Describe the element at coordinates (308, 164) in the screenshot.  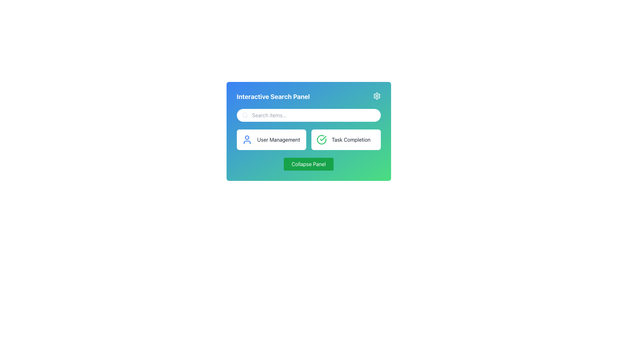
I see `the green 'Collapse Panel' button with white text, located at the bottom of the Interactive Search Panel` at that location.